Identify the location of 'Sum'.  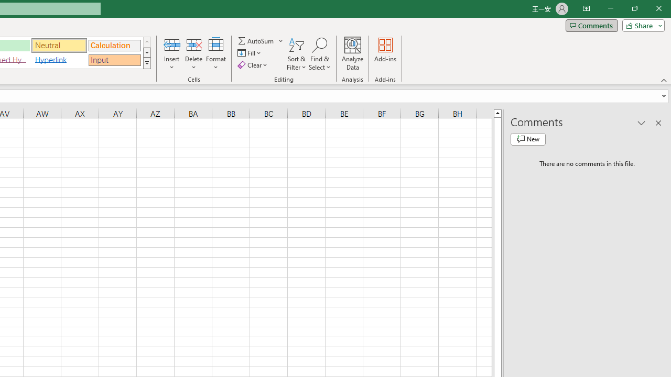
(256, 40).